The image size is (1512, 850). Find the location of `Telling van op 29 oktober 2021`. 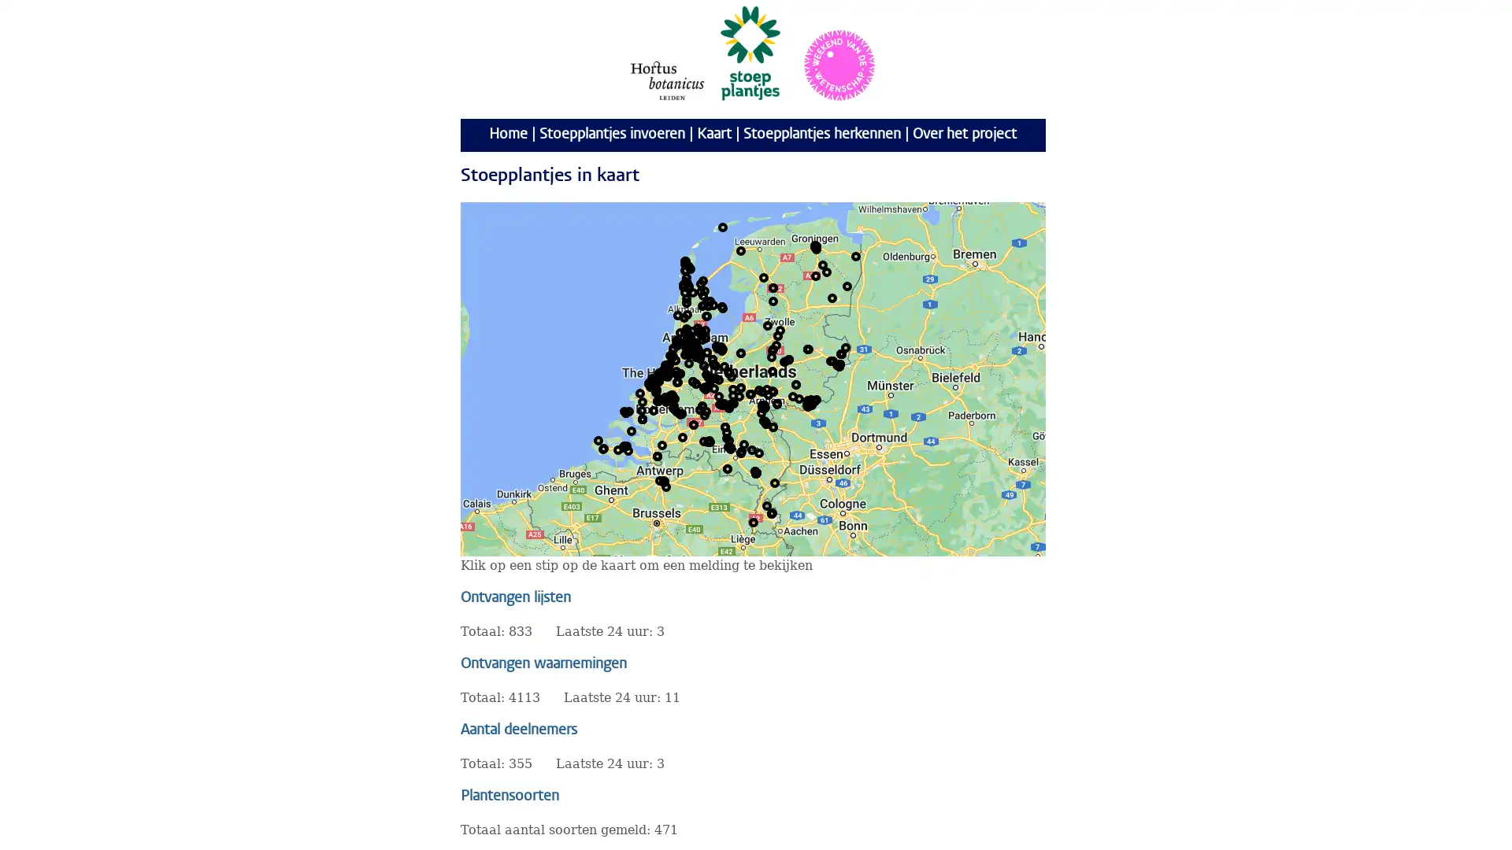

Telling van op 29 oktober 2021 is located at coordinates (687, 342).